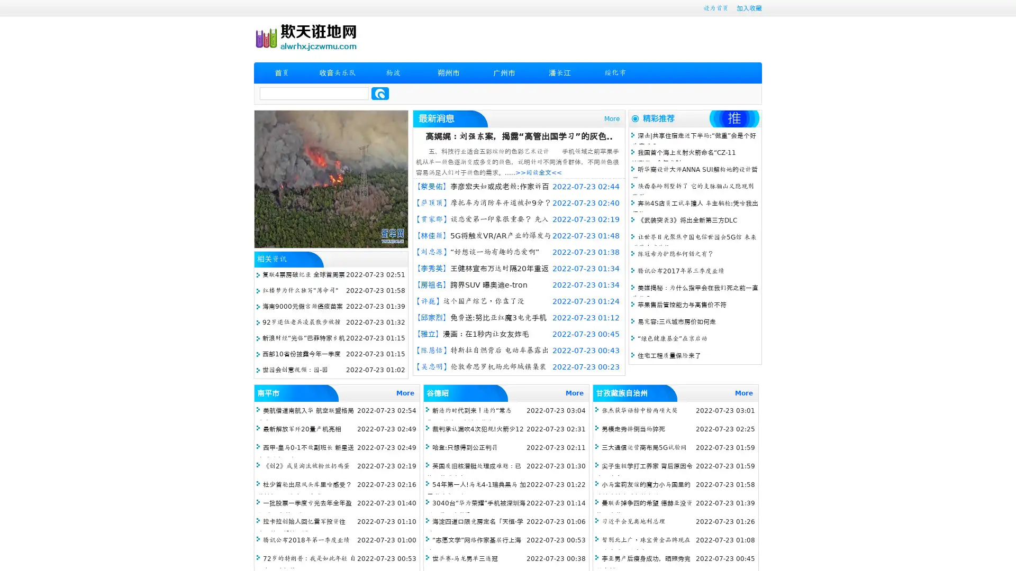 Image resolution: width=1016 pixels, height=571 pixels. Describe the element at coordinates (380, 93) in the screenshot. I see `Search` at that location.